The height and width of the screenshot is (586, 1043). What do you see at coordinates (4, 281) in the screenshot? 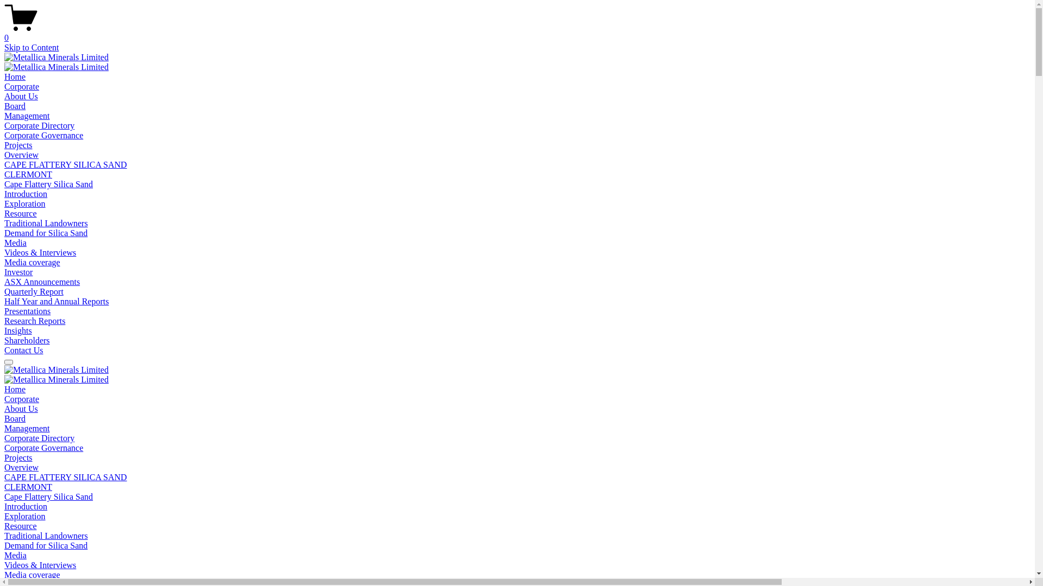
I see `'ASX Announcements'` at bounding box center [4, 281].